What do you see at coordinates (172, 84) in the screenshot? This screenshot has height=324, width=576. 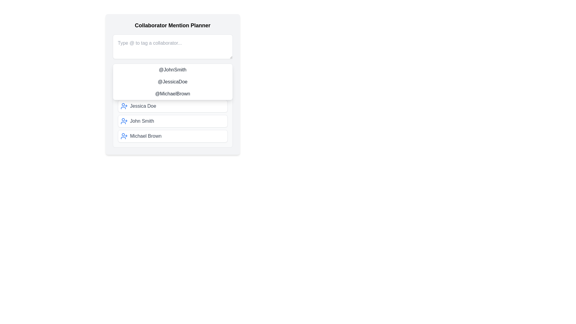 I see `the mention suggestion item '@JessicaDoe'` at bounding box center [172, 84].